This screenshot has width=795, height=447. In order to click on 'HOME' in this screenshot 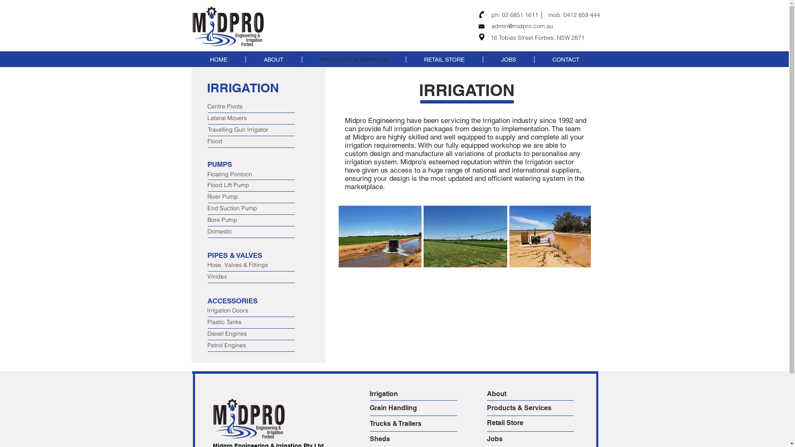, I will do `click(219, 59)`.